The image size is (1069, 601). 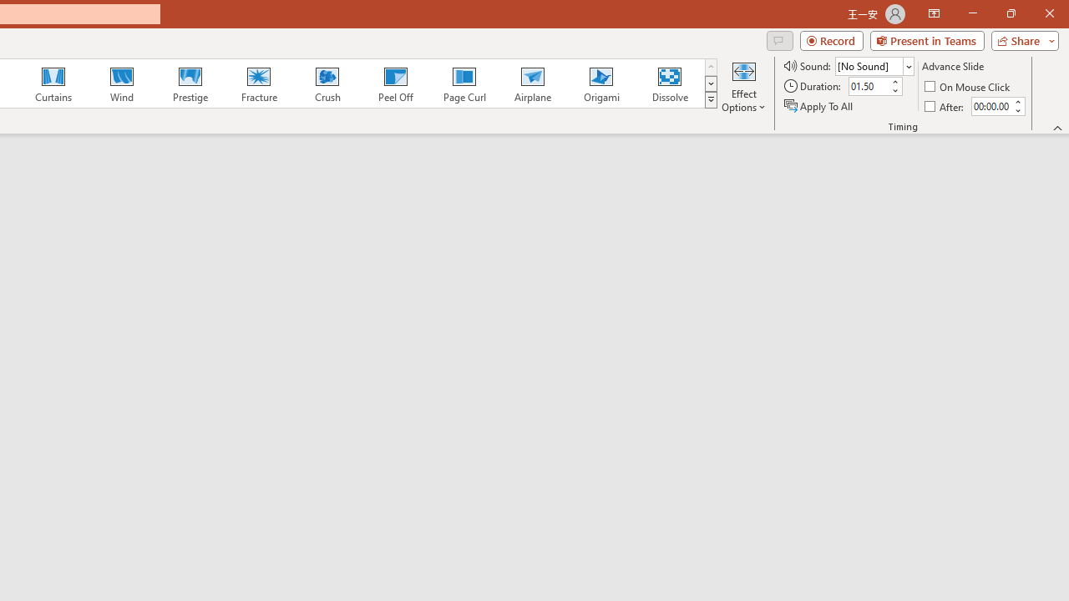 I want to click on 'Page Curl', so click(x=464, y=83).